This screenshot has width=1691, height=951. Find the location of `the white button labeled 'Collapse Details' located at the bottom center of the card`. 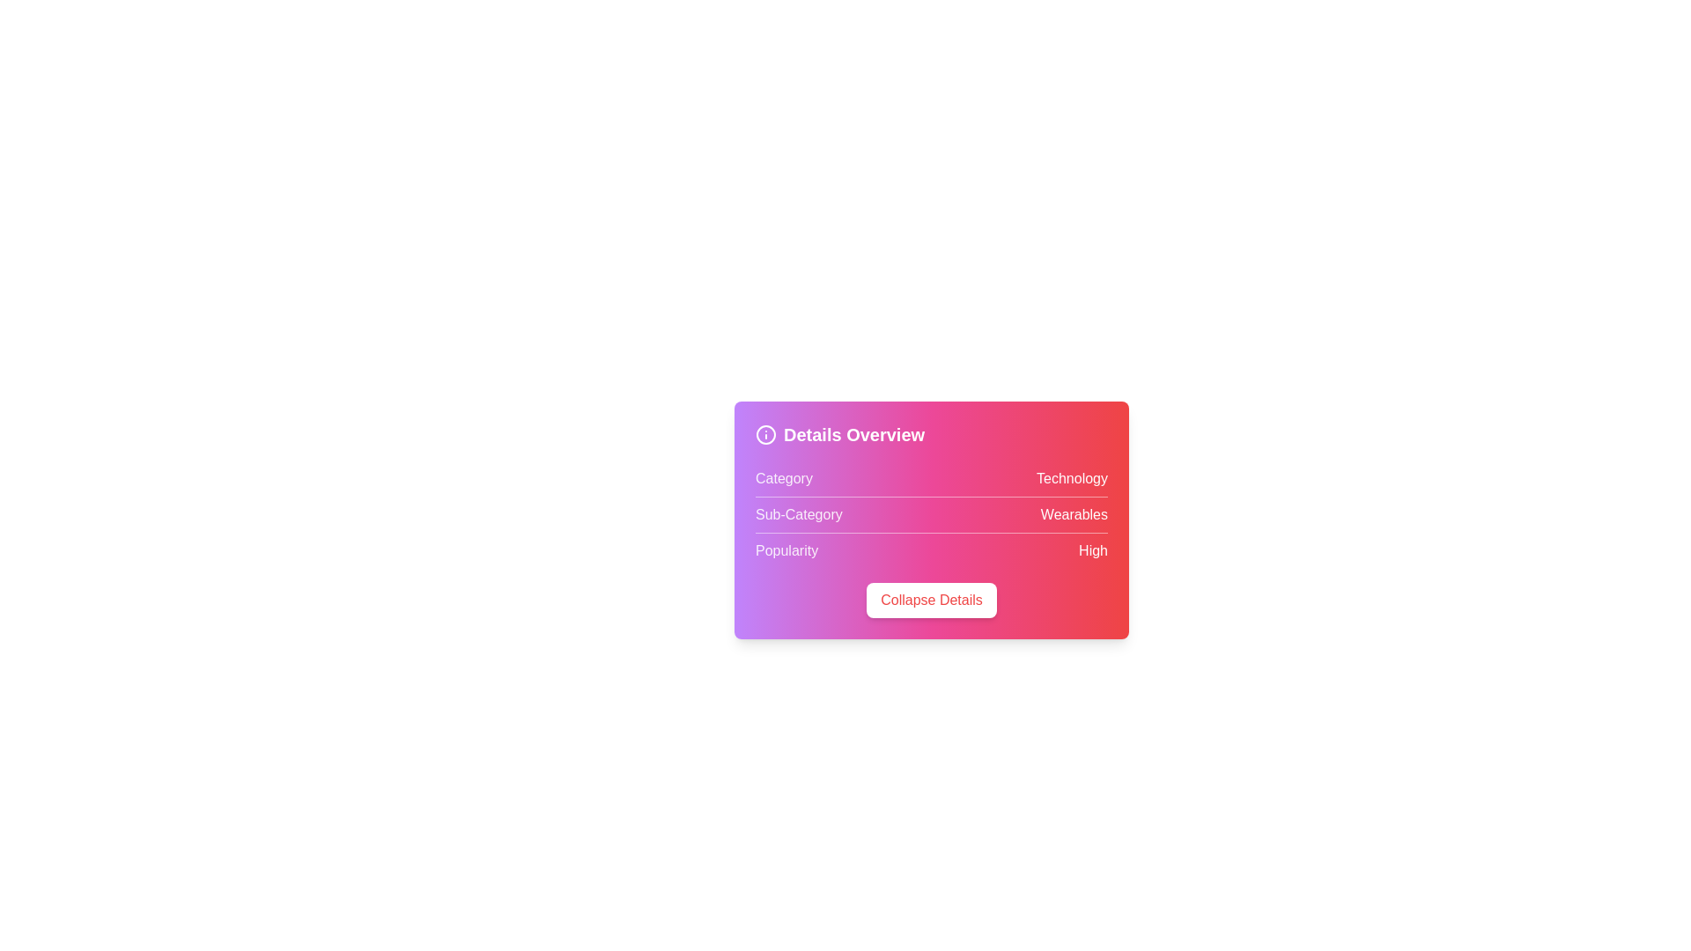

the white button labeled 'Collapse Details' located at the bottom center of the card is located at coordinates (930, 600).